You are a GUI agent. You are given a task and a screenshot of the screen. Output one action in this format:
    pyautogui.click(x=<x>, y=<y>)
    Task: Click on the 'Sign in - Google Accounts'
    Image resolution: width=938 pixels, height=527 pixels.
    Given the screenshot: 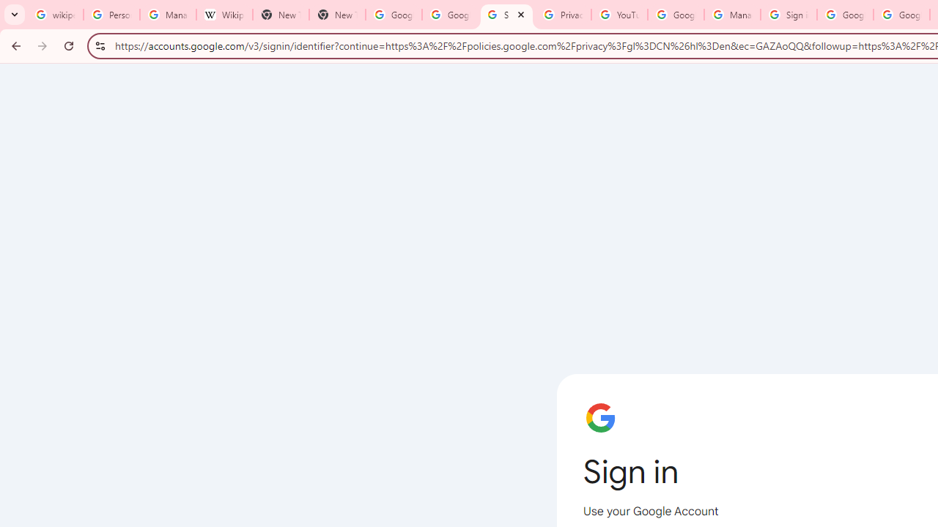 What is the action you would take?
    pyautogui.click(x=788, y=15)
    